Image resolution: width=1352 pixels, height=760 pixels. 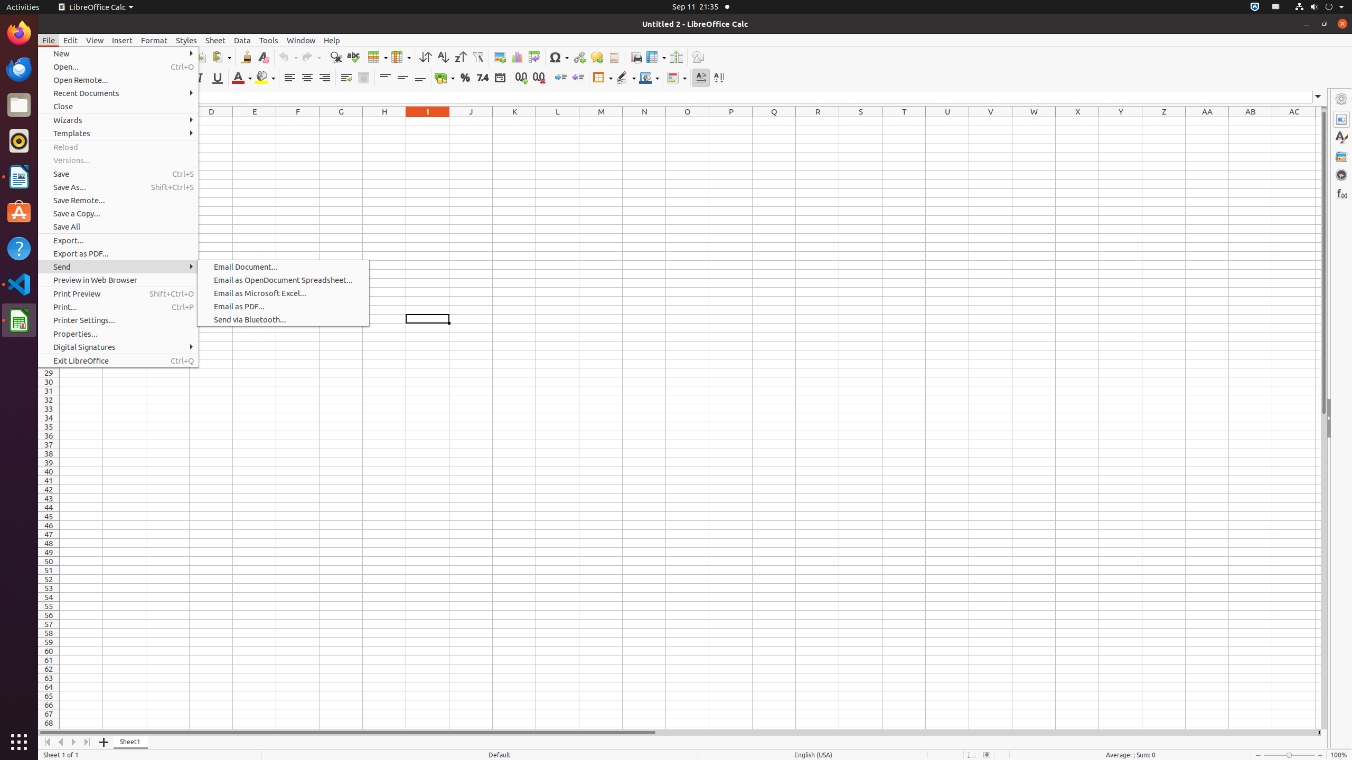 What do you see at coordinates (301, 40) in the screenshot?
I see `'Window'` at bounding box center [301, 40].